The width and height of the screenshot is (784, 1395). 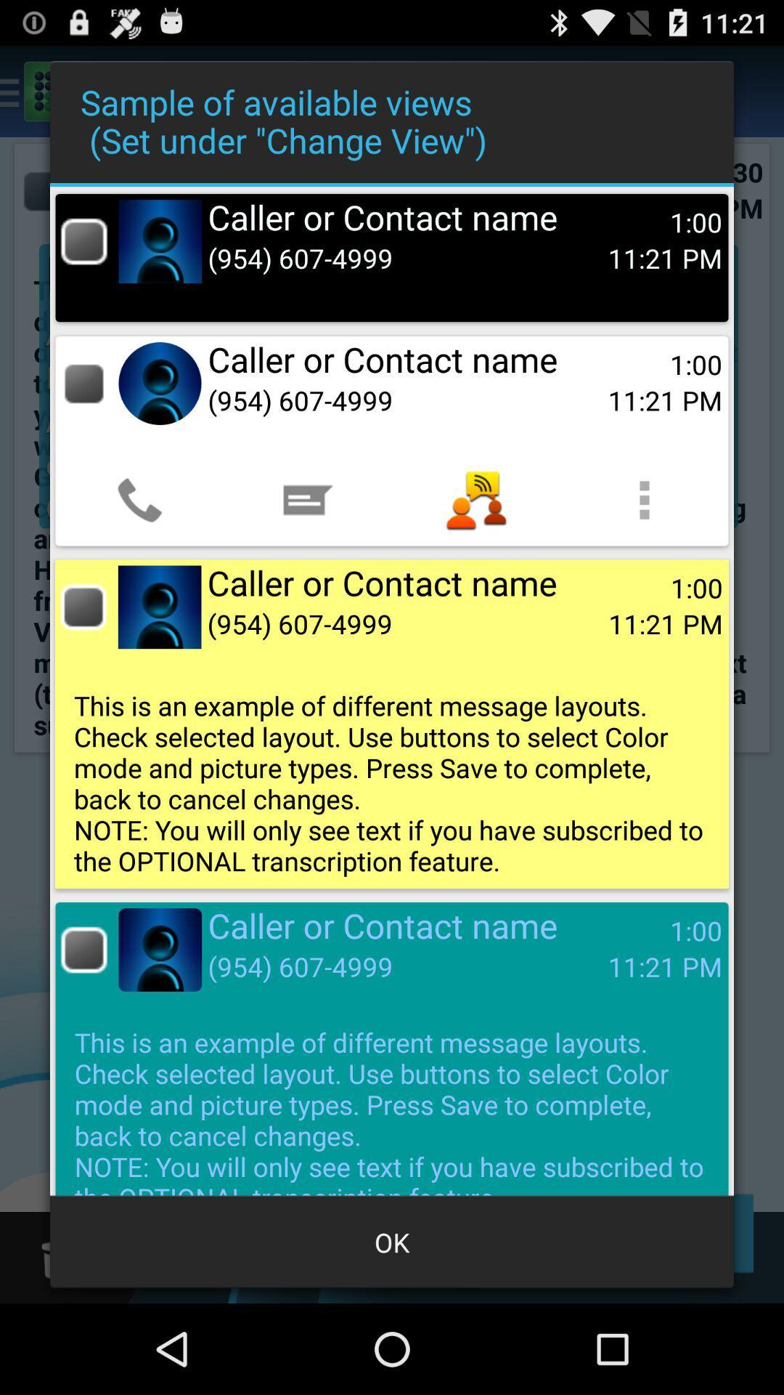 I want to click on check, so click(x=83, y=607).